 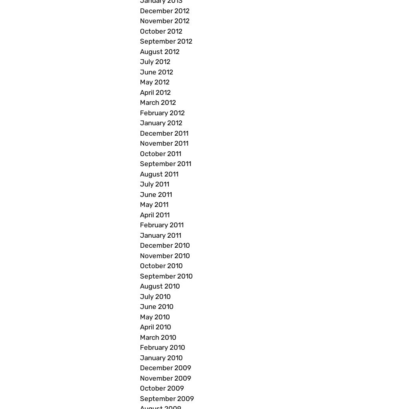 What do you see at coordinates (162, 347) in the screenshot?
I see `'February 2010'` at bounding box center [162, 347].